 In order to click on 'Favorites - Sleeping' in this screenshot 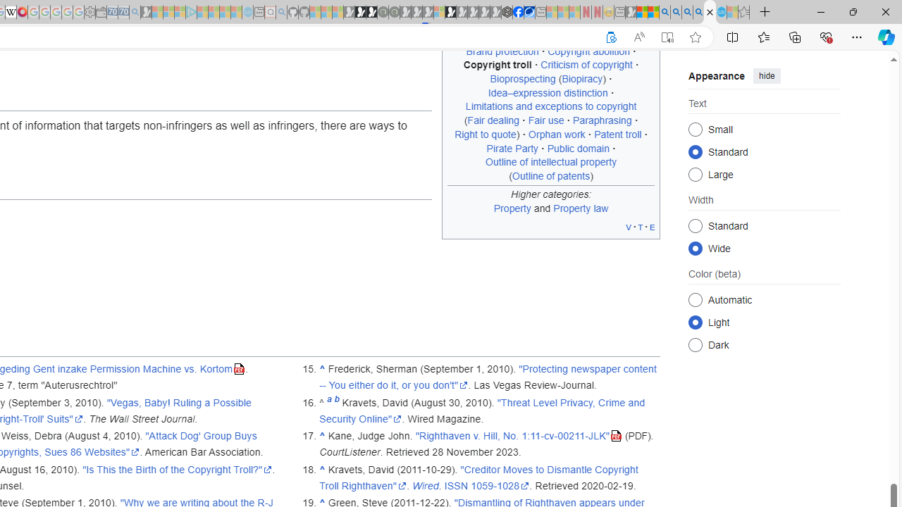, I will do `click(743, 12)`.